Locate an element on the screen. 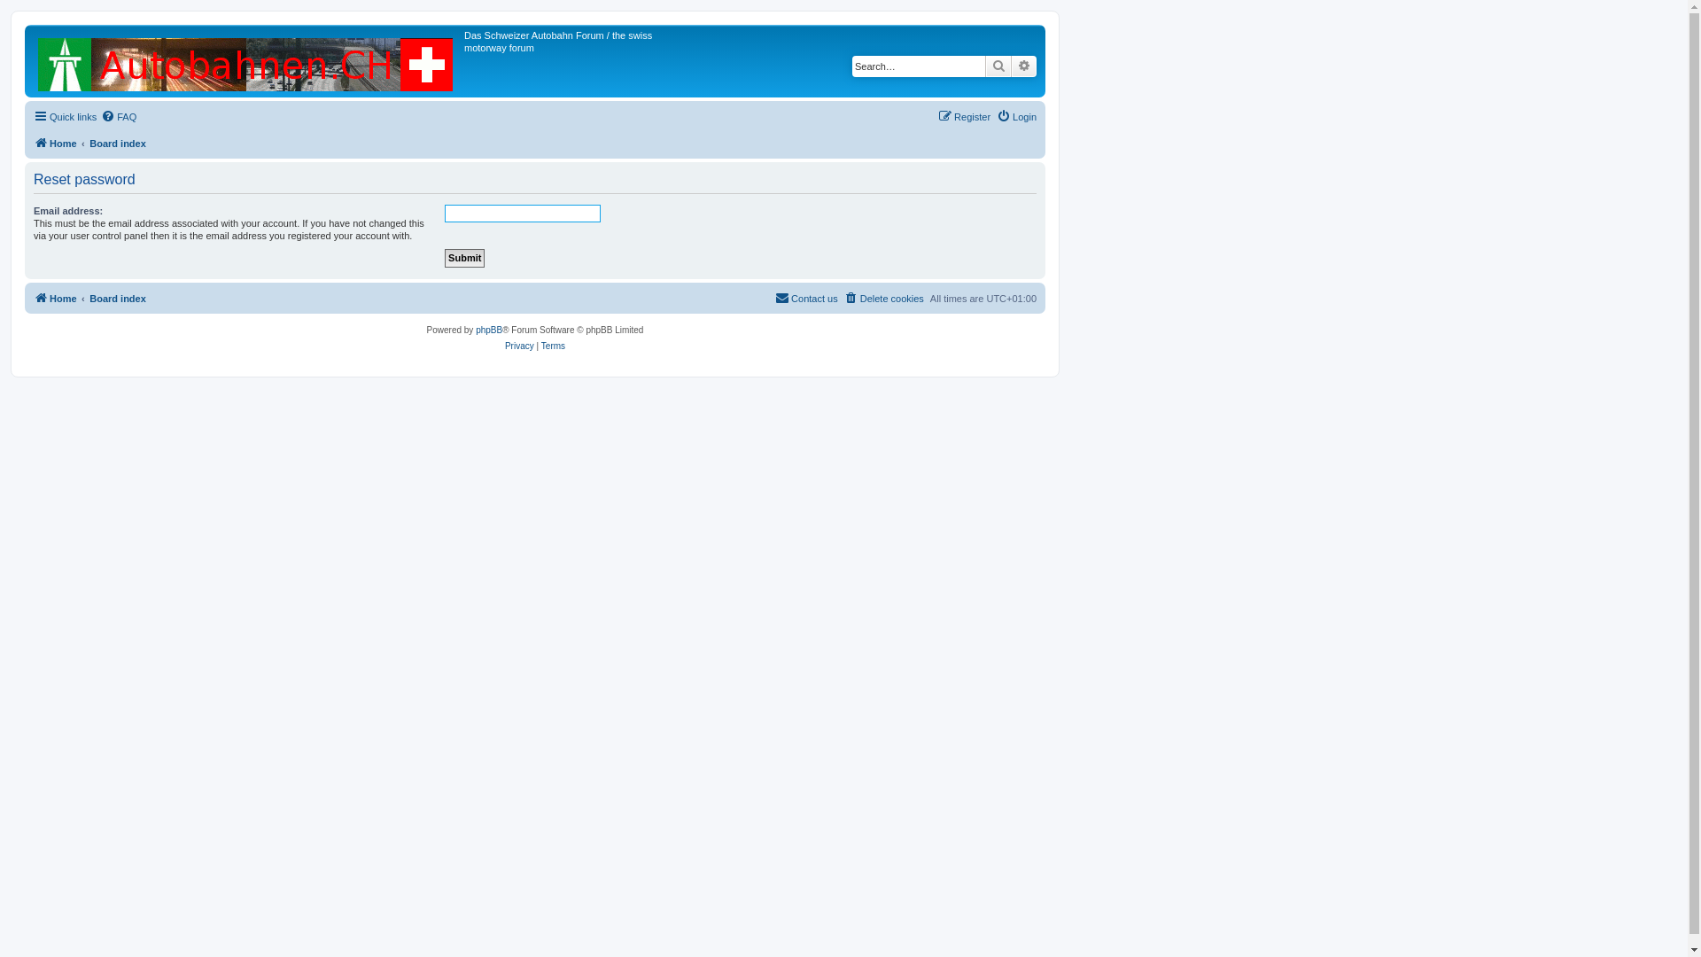 This screenshot has width=1701, height=957. 'Home' is located at coordinates (34, 297).